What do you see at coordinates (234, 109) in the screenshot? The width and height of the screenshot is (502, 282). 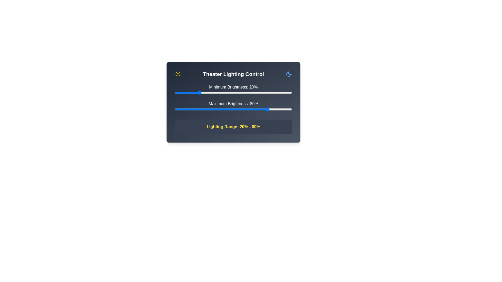 I see `the maximum brightness slider to 51%` at bounding box center [234, 109].